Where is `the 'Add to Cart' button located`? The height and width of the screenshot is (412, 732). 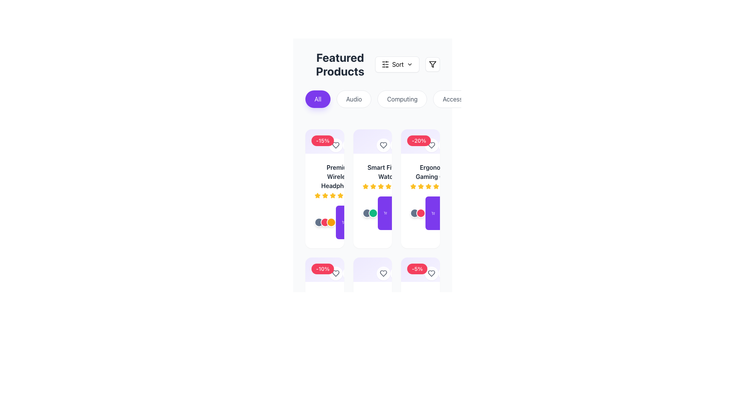
the 'Add to Cart' button located is located at coordinates (442, 213).